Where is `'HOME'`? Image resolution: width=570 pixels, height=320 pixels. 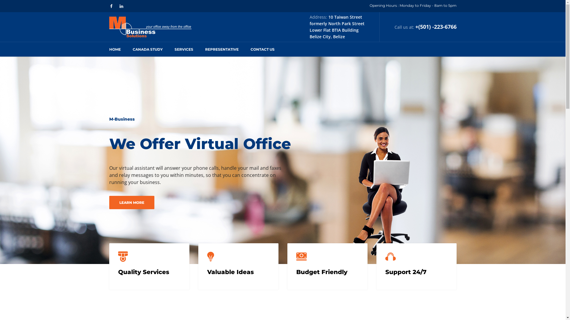
'HOME' is located at coordinates (118, 49).